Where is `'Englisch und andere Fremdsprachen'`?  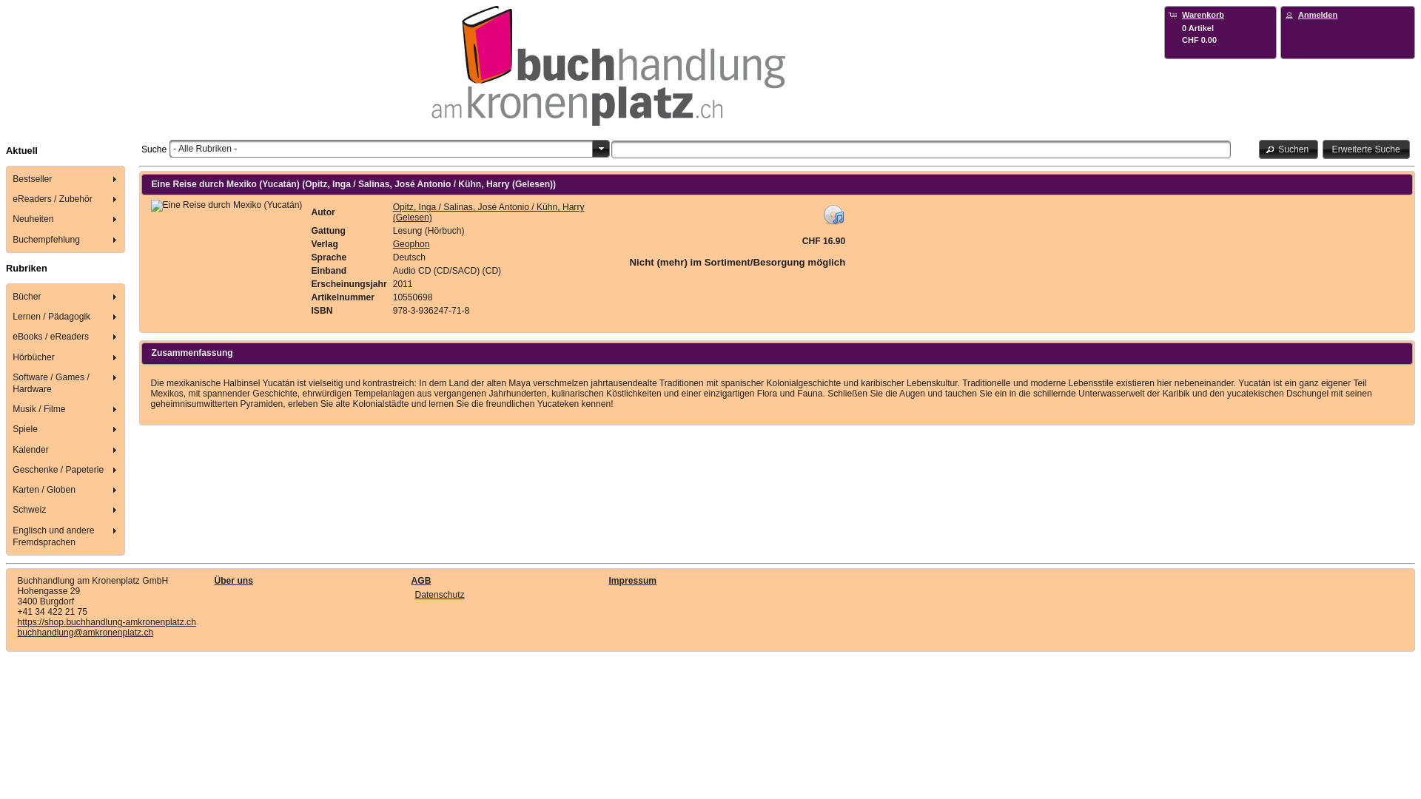
'Englisch und andere Fremdsprachen' is located at coordinates (10, 536).